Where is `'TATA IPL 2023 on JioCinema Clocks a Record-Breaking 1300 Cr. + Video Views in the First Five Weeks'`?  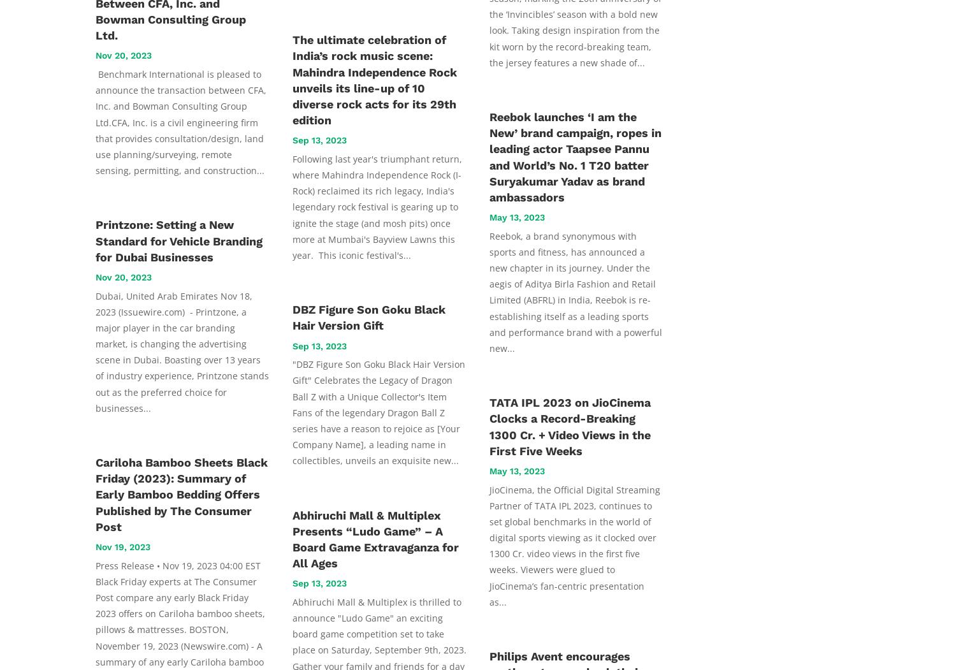 'TATA IPL 2023 on JioCinema Clocks a Record-Breaking 1300 Cr. + Video Views in the First Five Weeks' is located at coordinates (570, 426).